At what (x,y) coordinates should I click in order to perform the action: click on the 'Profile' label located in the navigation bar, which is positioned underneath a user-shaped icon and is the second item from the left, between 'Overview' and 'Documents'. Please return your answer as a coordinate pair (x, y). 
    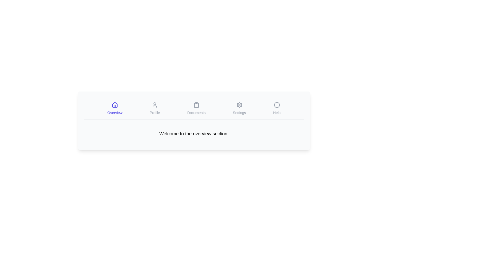
    Looking at the image, I should click on (155, 113).